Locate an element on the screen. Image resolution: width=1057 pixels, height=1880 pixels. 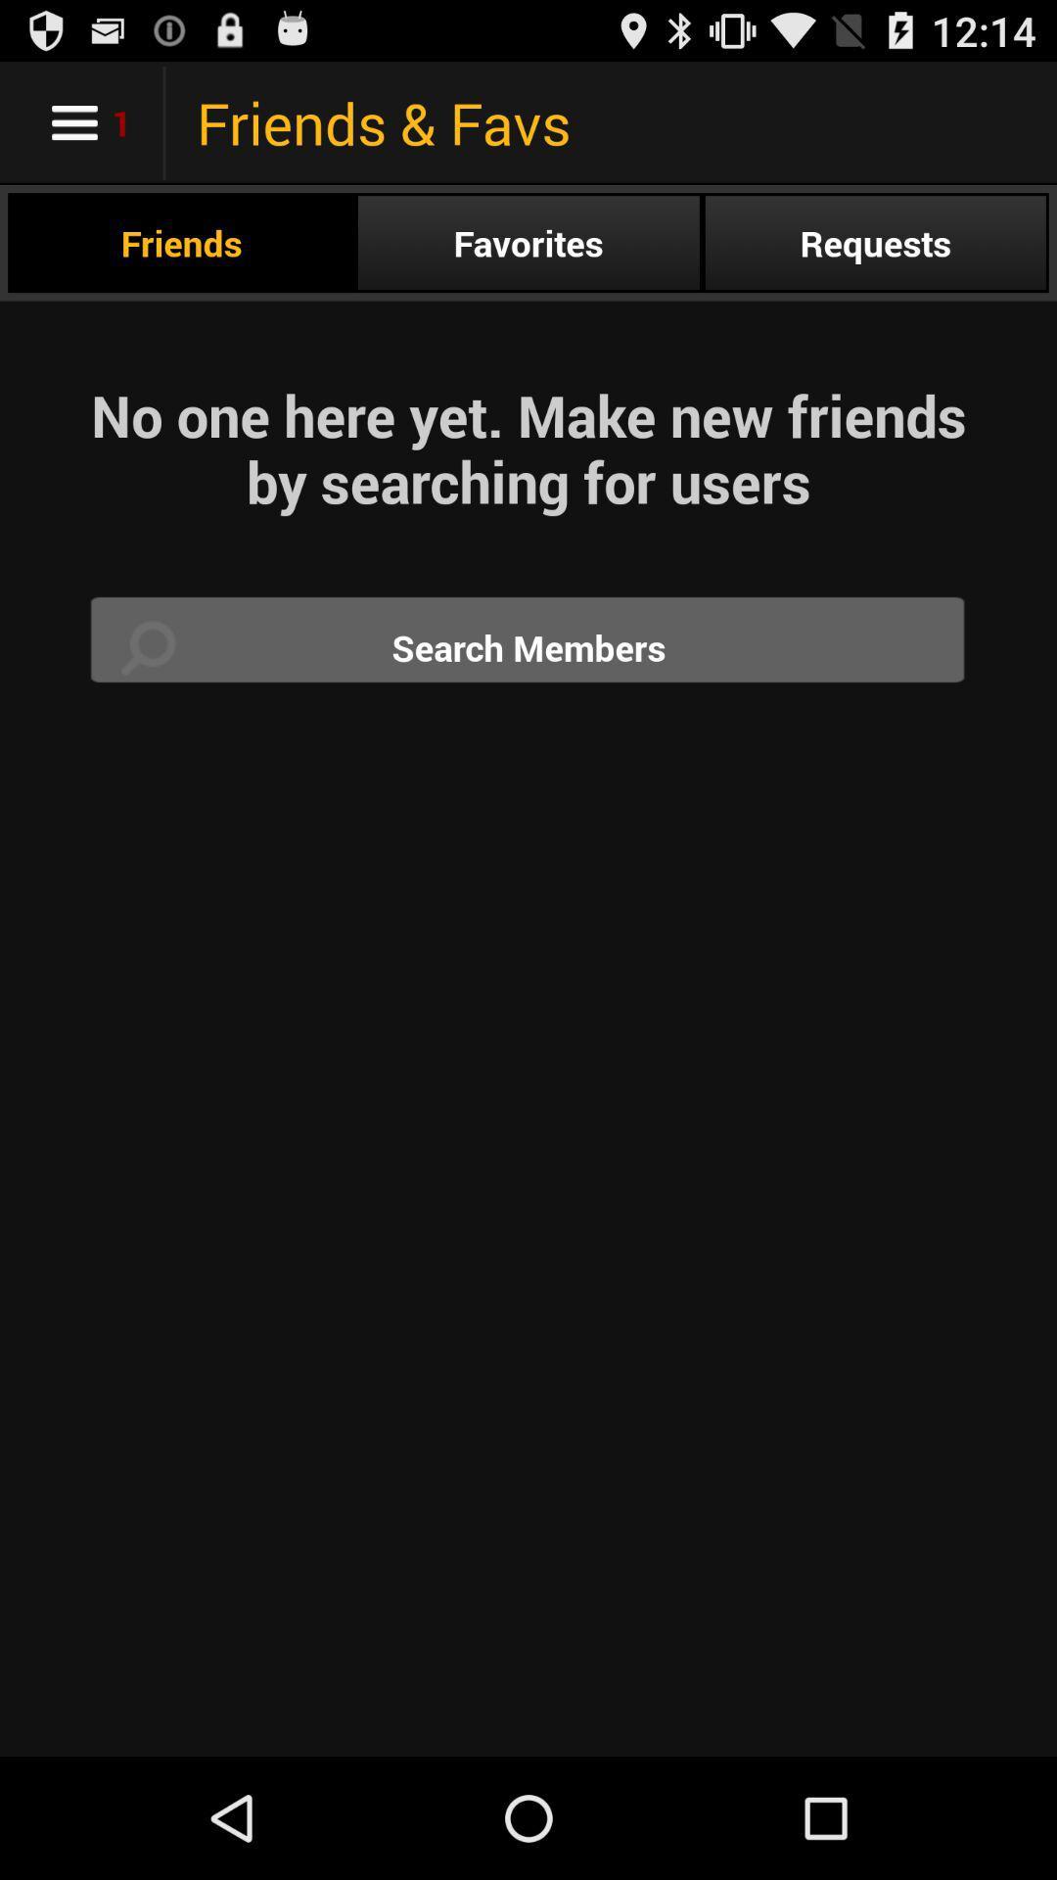
the favorites is located at coordinates (528, 242).